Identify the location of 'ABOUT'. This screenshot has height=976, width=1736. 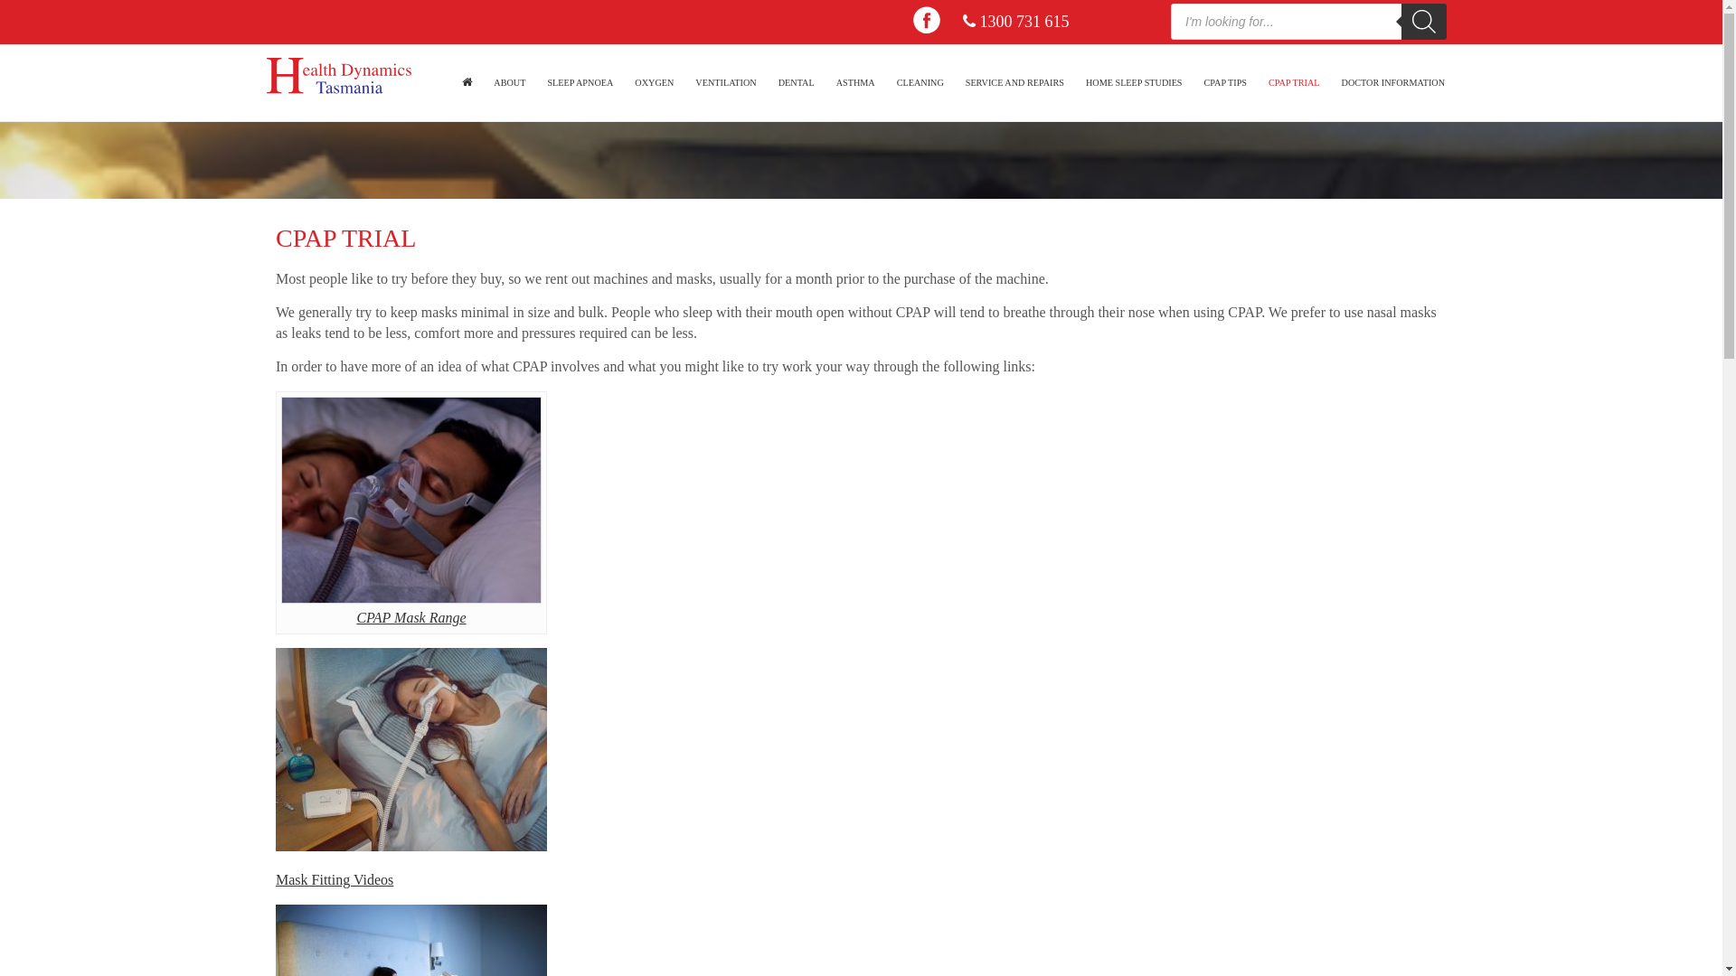
(508, 82).